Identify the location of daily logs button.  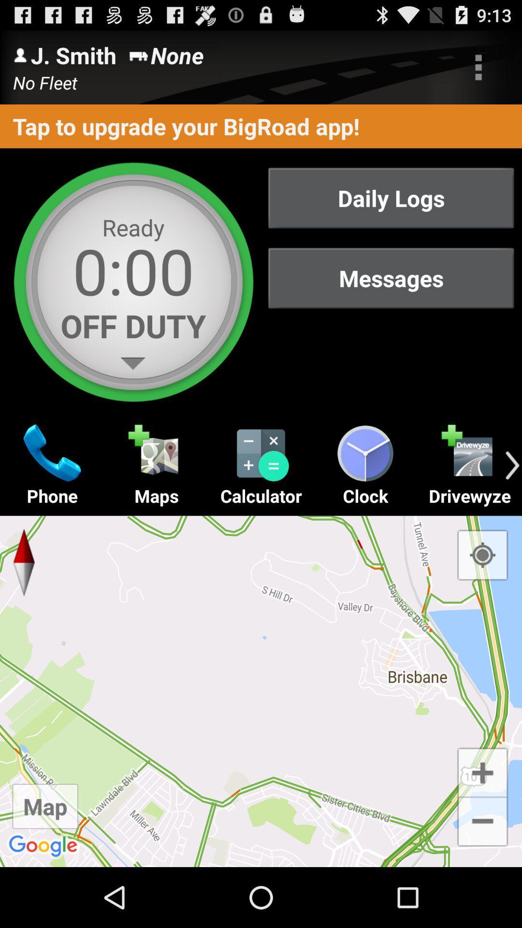
(391, 197).